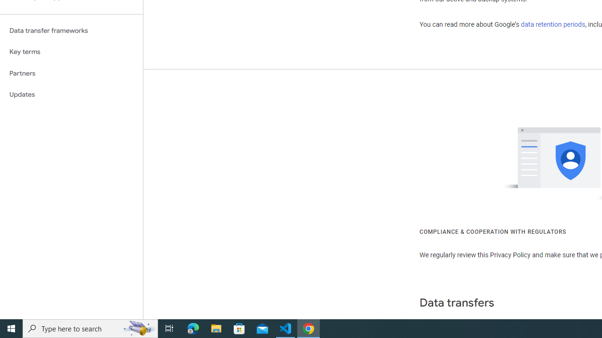 The image size is (602, 338). Describe the element at coordinates (71, 30) in the screenshot. I see `'Data transfer frameworks'` at that location.